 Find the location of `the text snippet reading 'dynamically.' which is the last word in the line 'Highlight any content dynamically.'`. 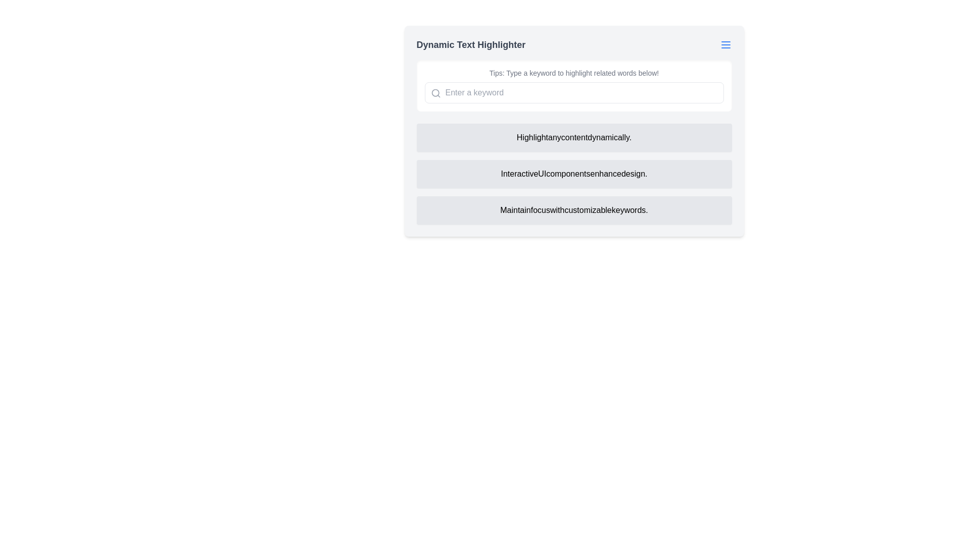

the text snippet reading 'dynamically.' which is the last word in the line 'Highlight any content dynamically.' is located at coordinates (609, 137).